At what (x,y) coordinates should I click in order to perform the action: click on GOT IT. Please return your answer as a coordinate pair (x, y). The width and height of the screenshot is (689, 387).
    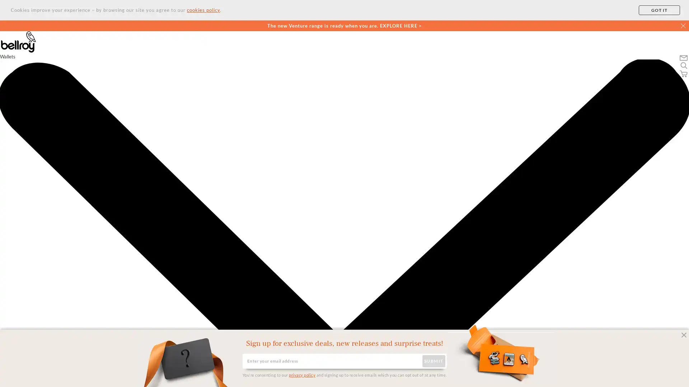
    Looking at the image, I should click on (659, 10).